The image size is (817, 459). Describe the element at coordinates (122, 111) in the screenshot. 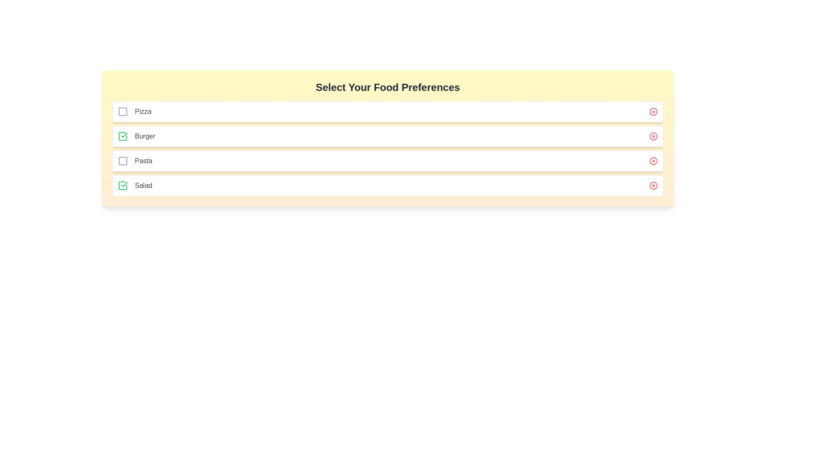

I see `the interactive checkbox representing the 'Pizza' preference` at that location.